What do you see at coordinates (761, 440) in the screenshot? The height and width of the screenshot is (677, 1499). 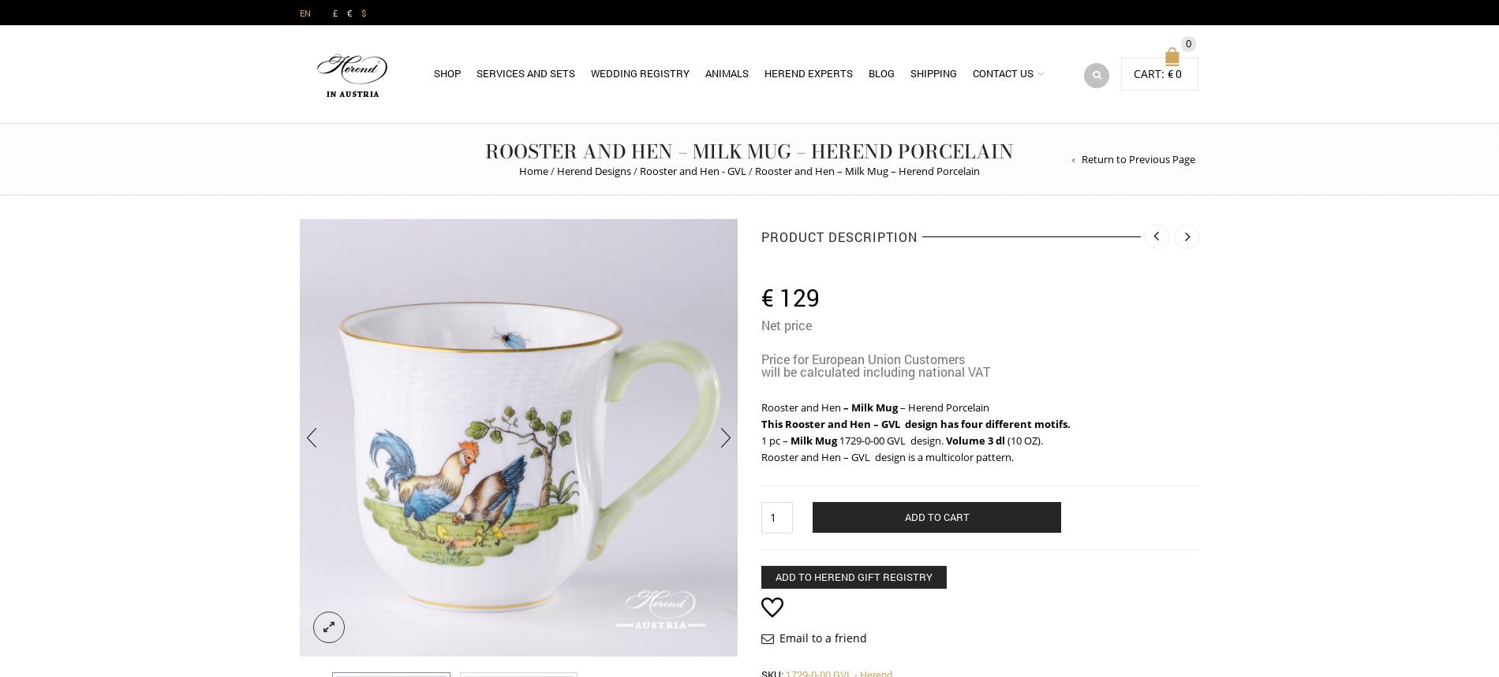 I see `'1 pc –'` at bounding box center [761, 440].